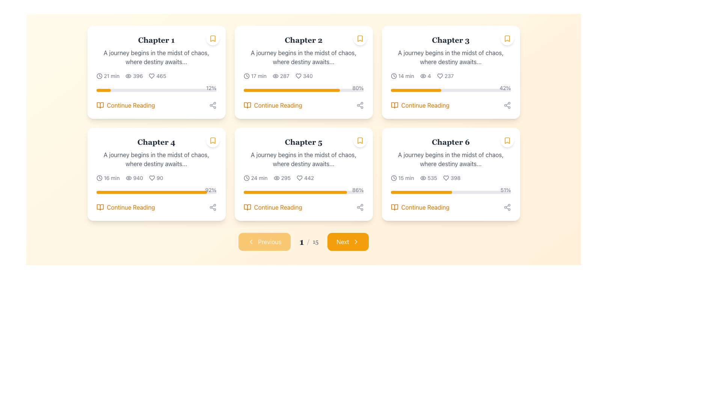 The width and height of the screenshot is (721, 405). Describe the element at coordinates (125, 105) in the screenshot. I see `the 'Continue Reading' Link button with an open book icon, located at the bottom-left of the first card under 'Chapter 1'` at that location.